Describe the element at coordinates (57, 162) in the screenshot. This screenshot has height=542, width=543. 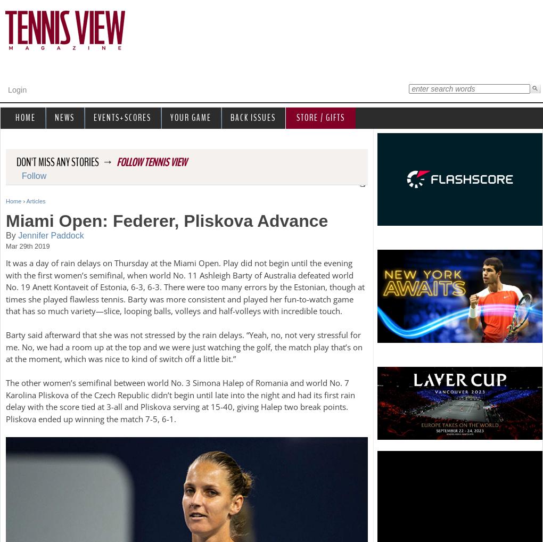
I see `'Don't miss any stories'` at that location.